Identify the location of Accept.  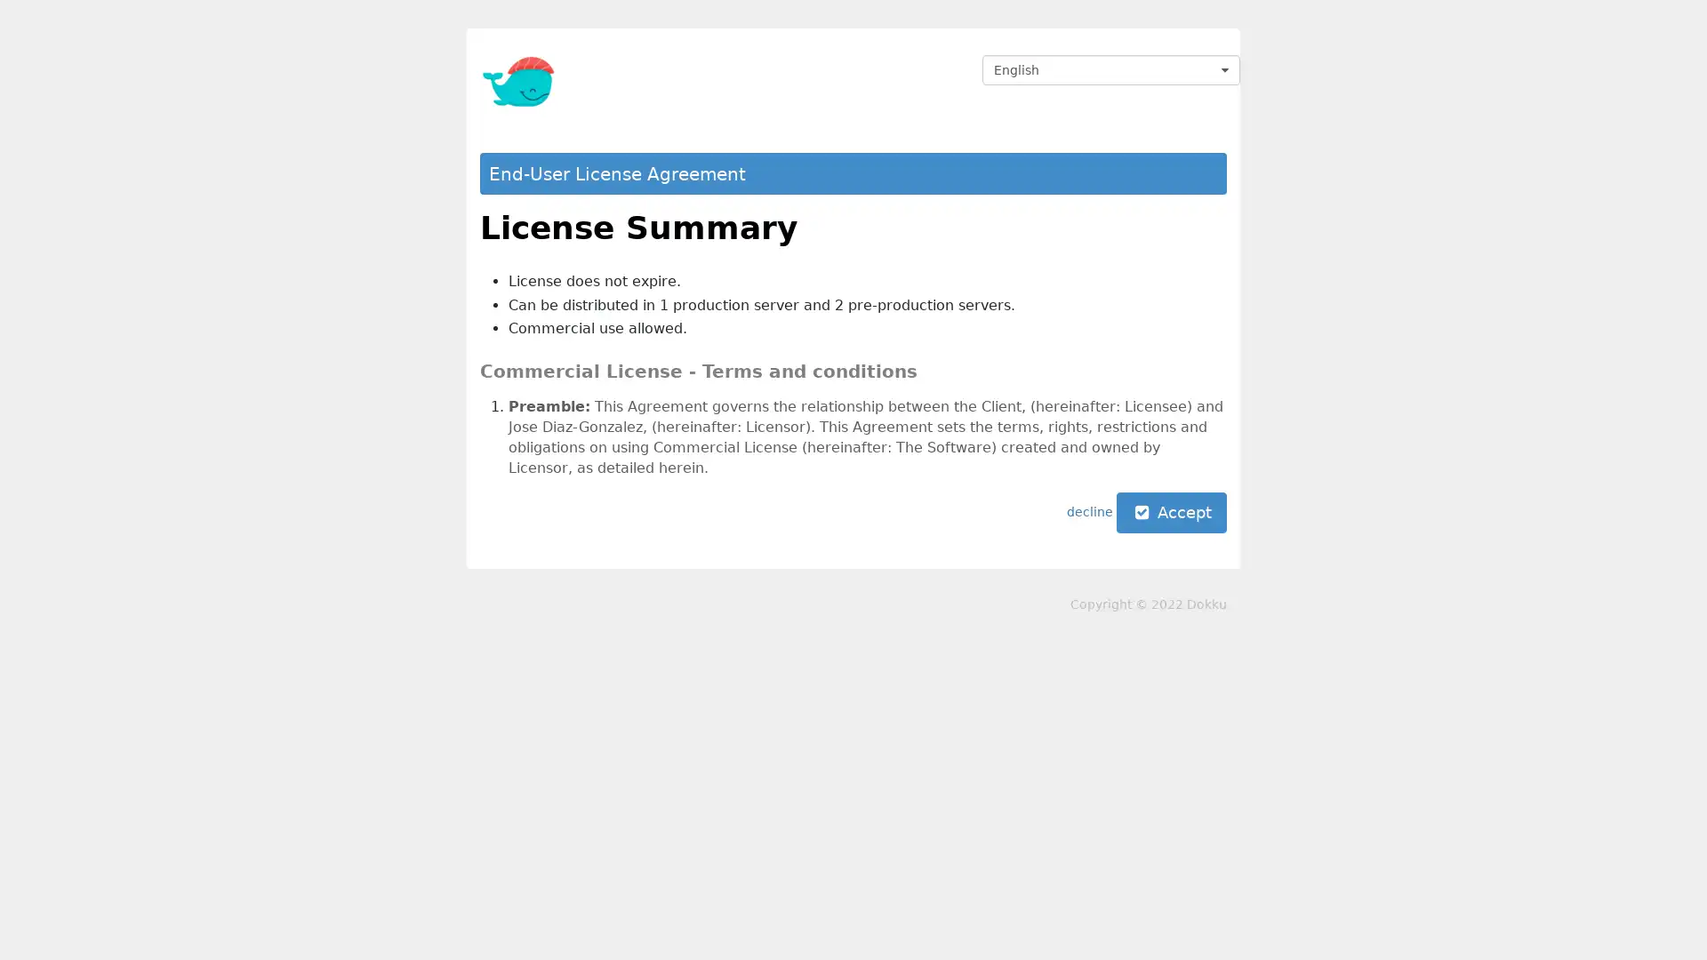
(1171, 513).